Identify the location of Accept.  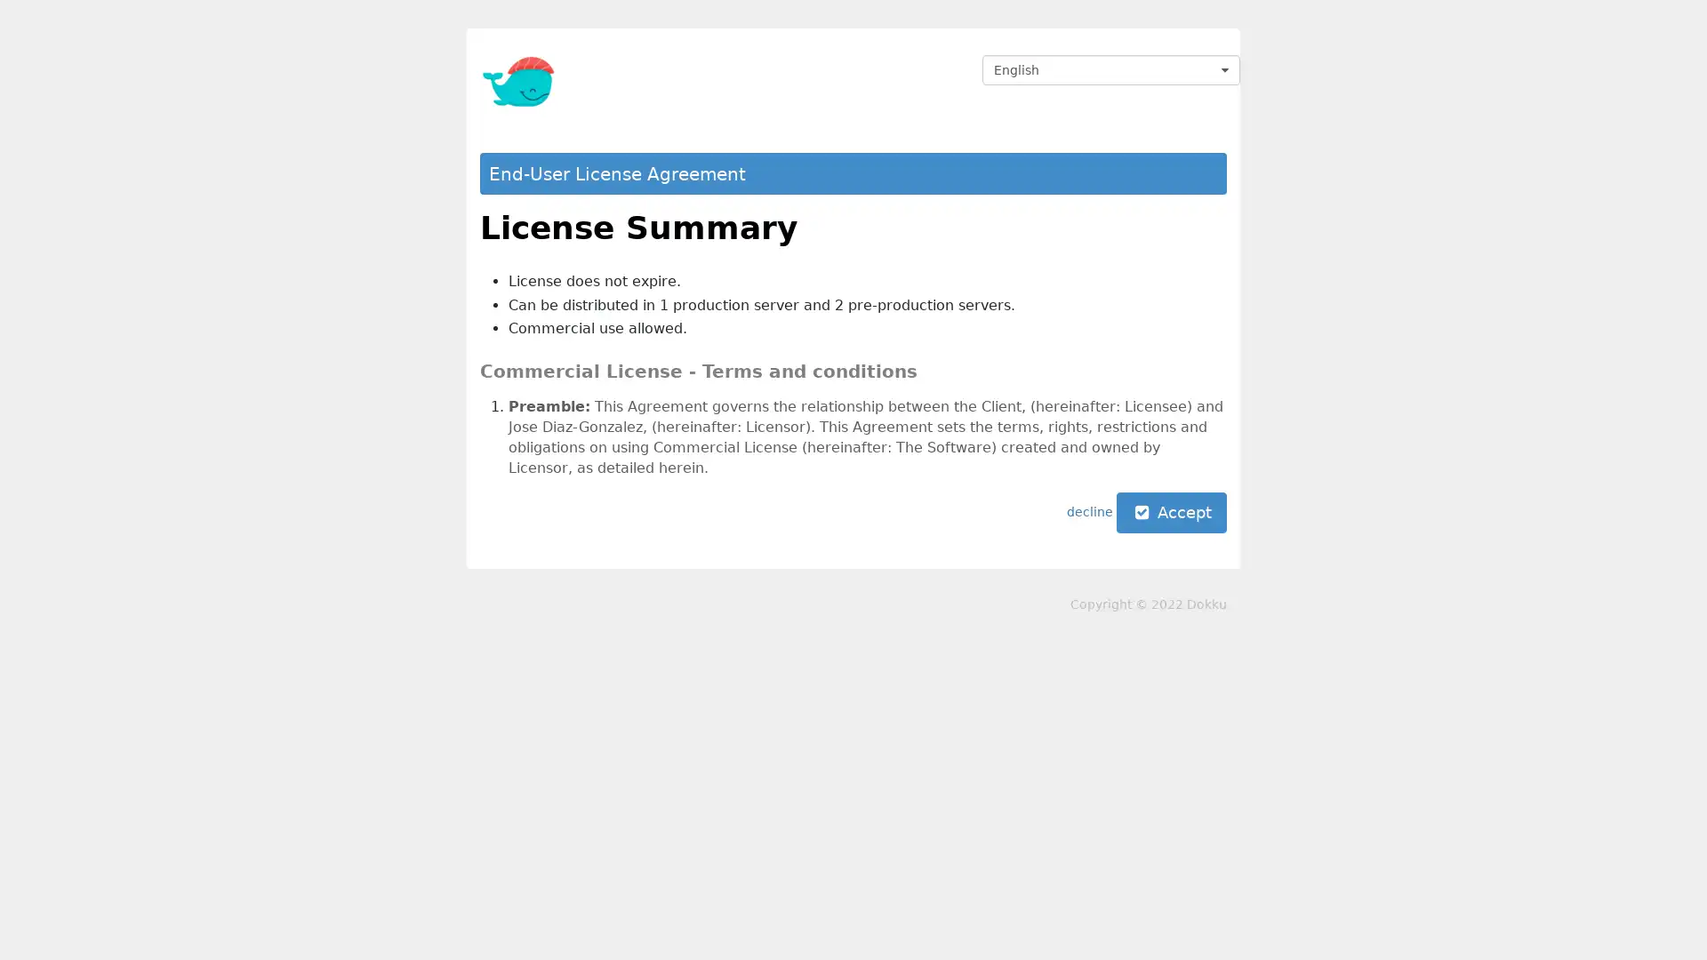
(1171, 513).